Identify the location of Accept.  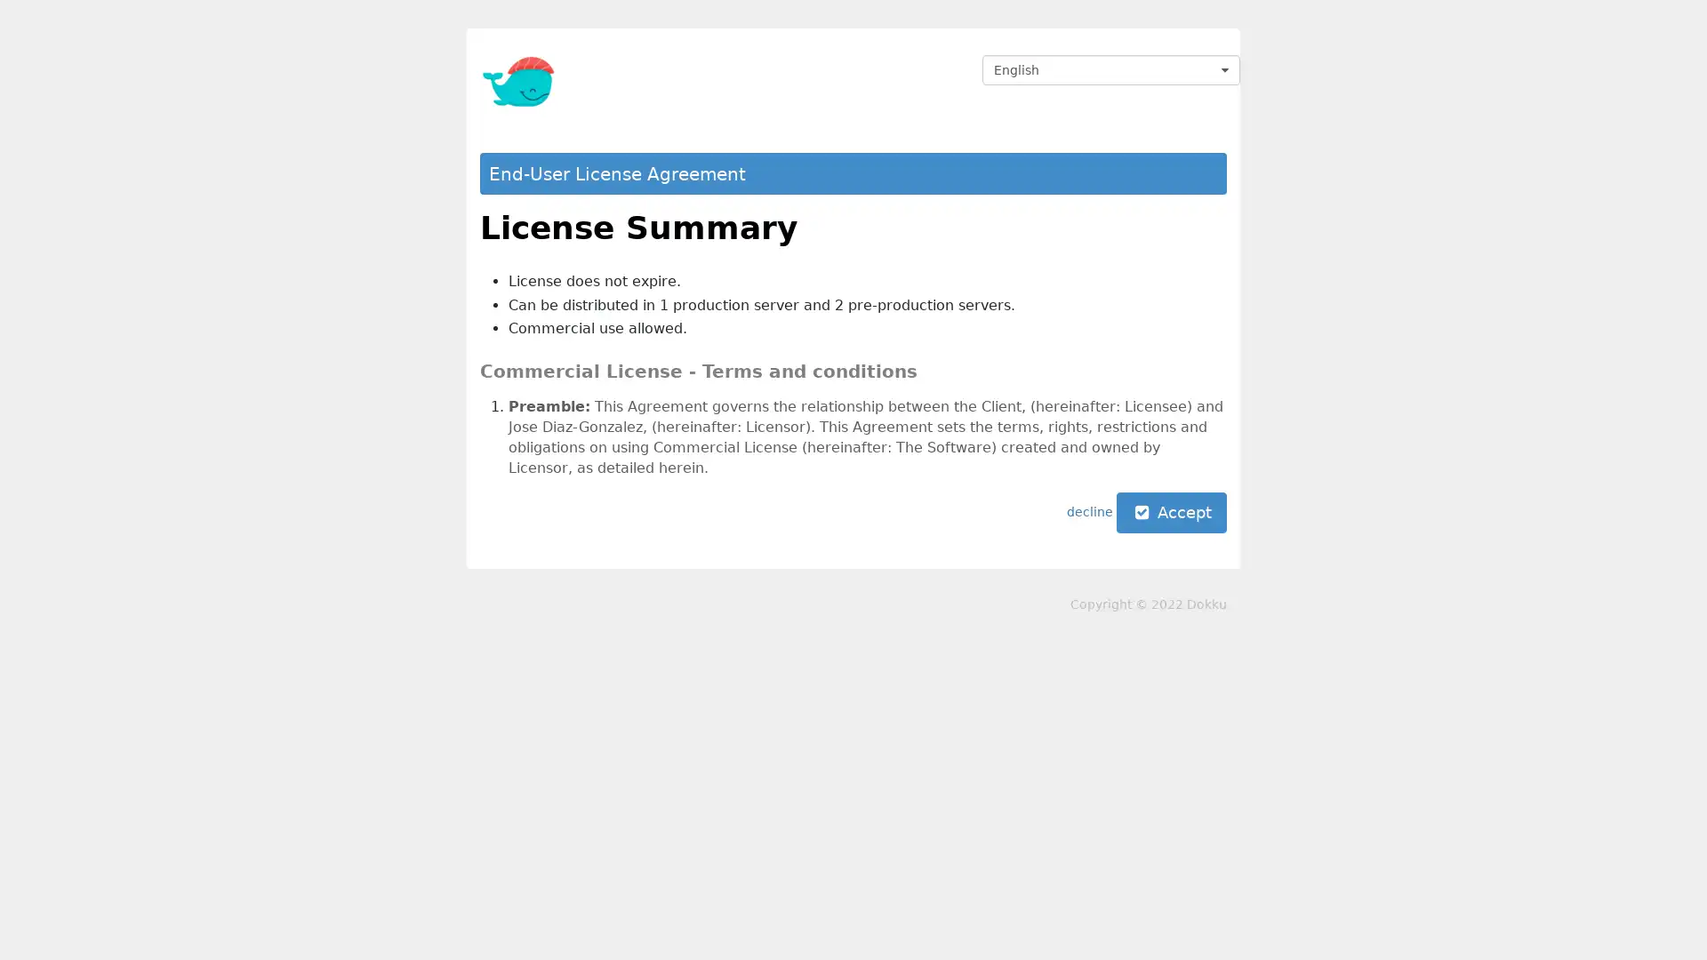
(1171, 513).